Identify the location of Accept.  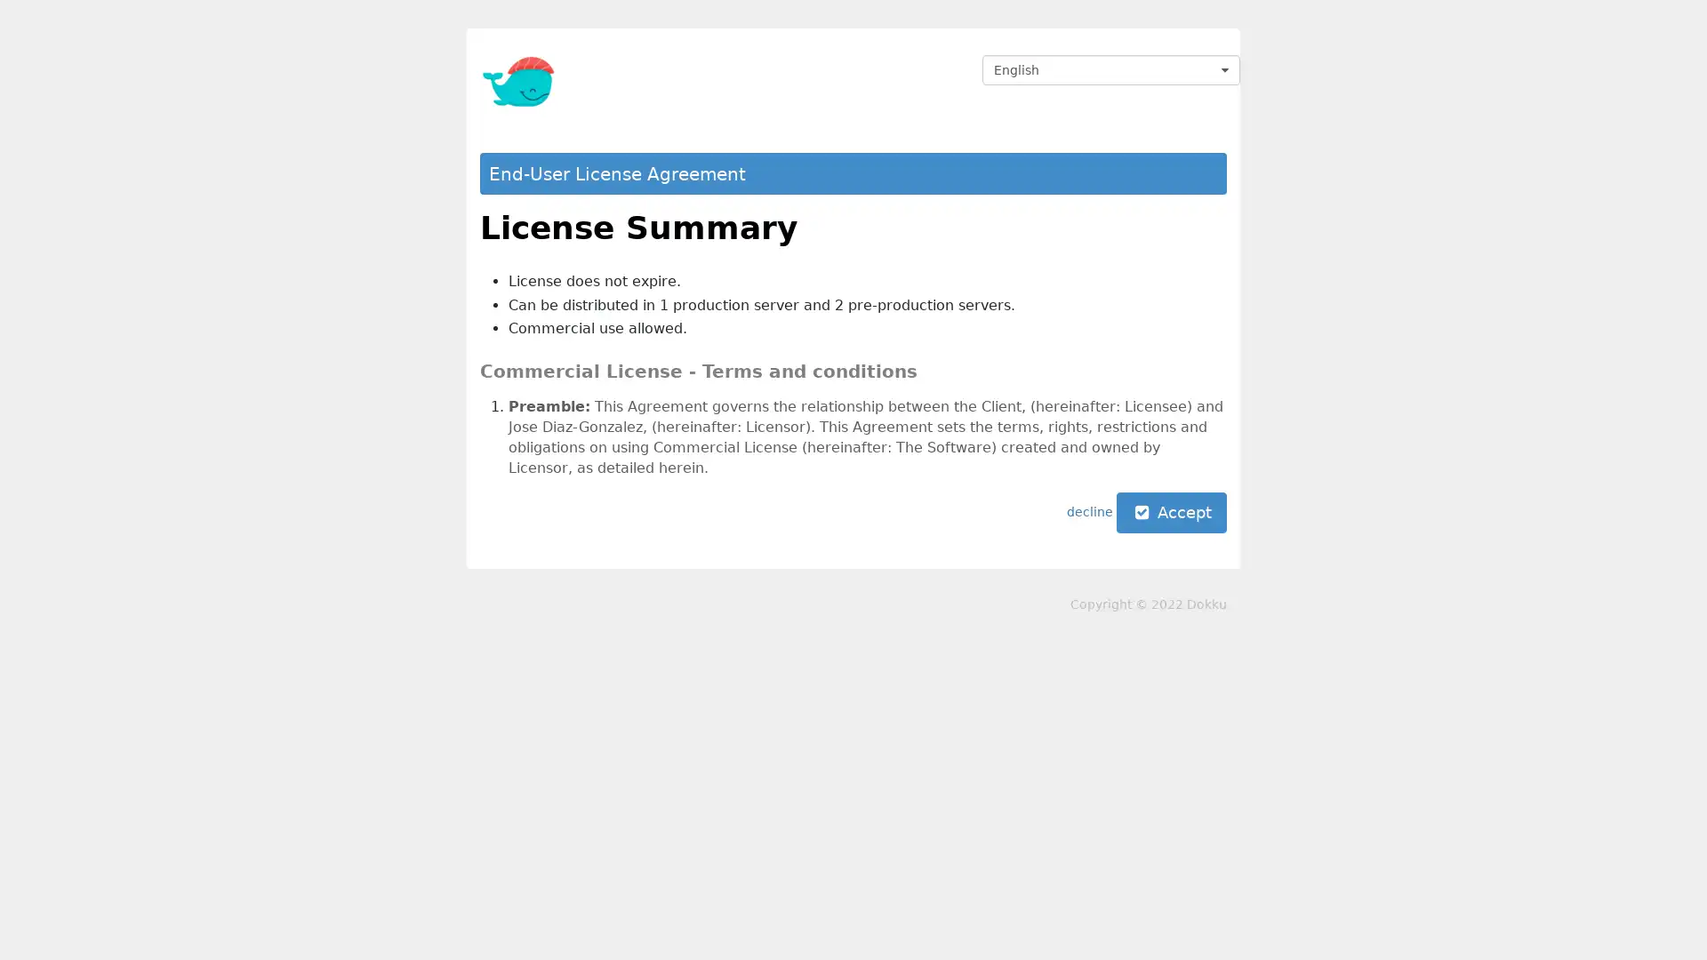
(1171, 513).